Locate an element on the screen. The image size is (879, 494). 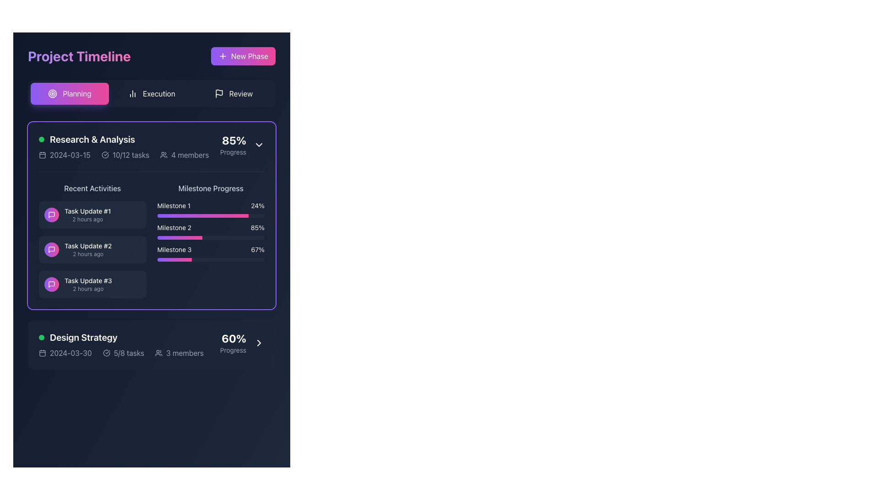
the task update icon located in the 'Recent Activities' section of the 'Research & Analysis' area, which is the first in a series of message icons and positioned to the left of 'Task Update #1' is located at coordinates (51, 284).